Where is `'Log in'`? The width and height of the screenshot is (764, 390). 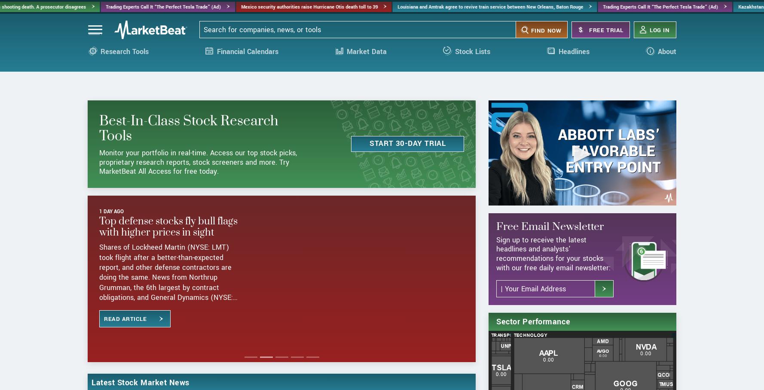
'Log in' is located at coordinates (649, 35).